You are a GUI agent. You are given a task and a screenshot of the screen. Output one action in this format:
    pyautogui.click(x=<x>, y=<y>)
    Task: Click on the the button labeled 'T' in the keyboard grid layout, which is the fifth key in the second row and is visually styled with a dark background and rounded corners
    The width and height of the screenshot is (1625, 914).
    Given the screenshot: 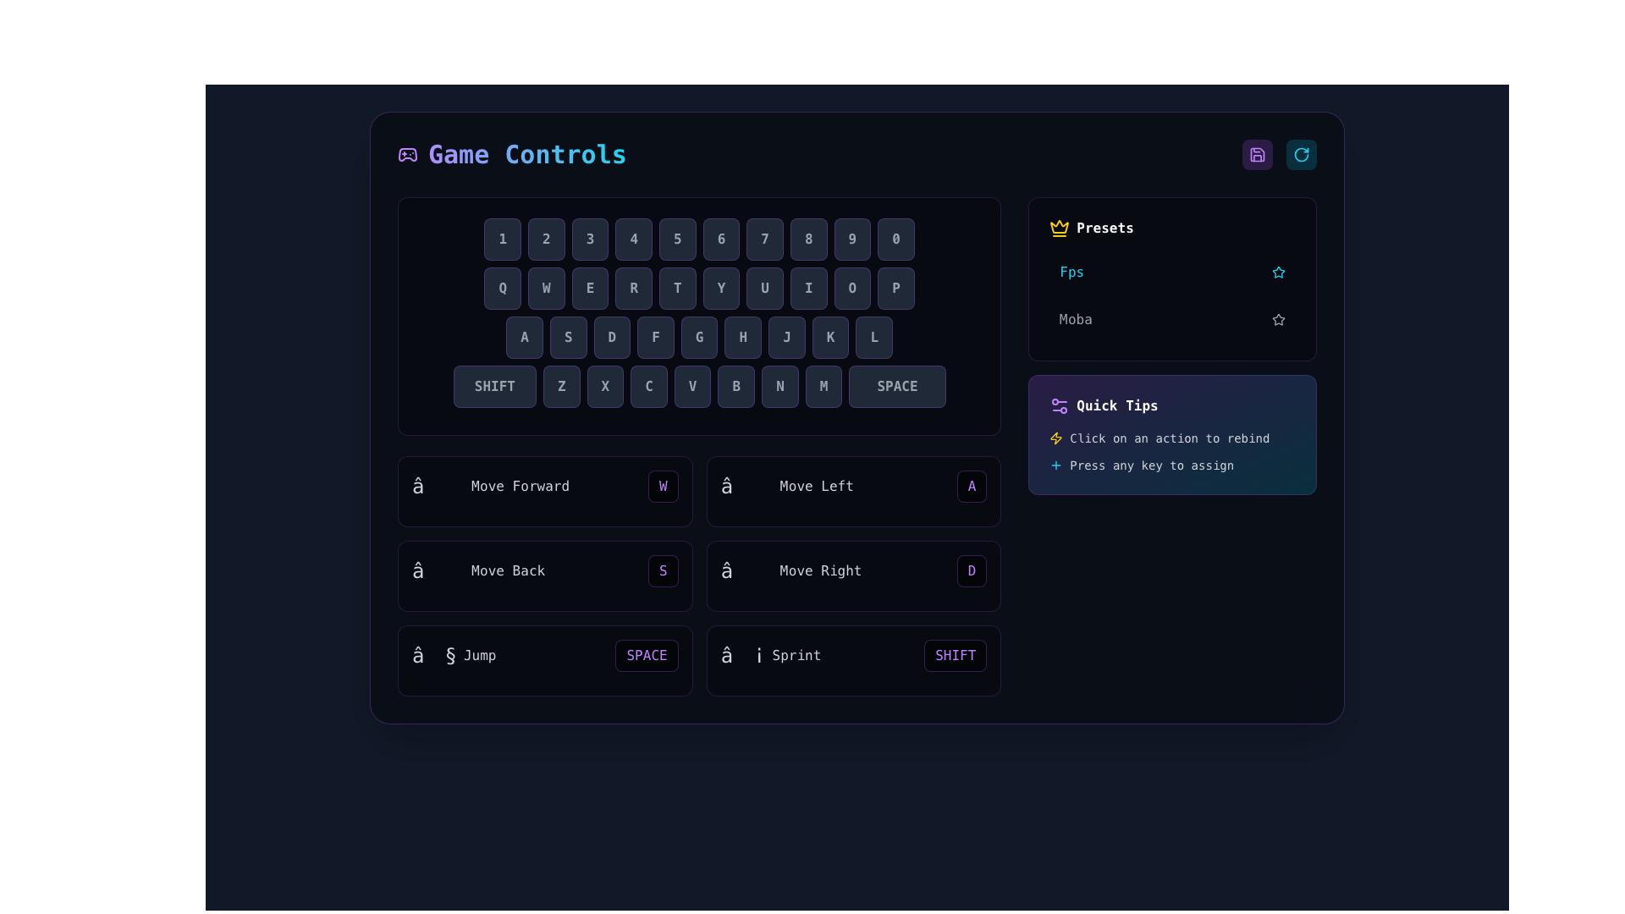 What is the action you would take?
    pyautogui.click(x=677, y=287)
    